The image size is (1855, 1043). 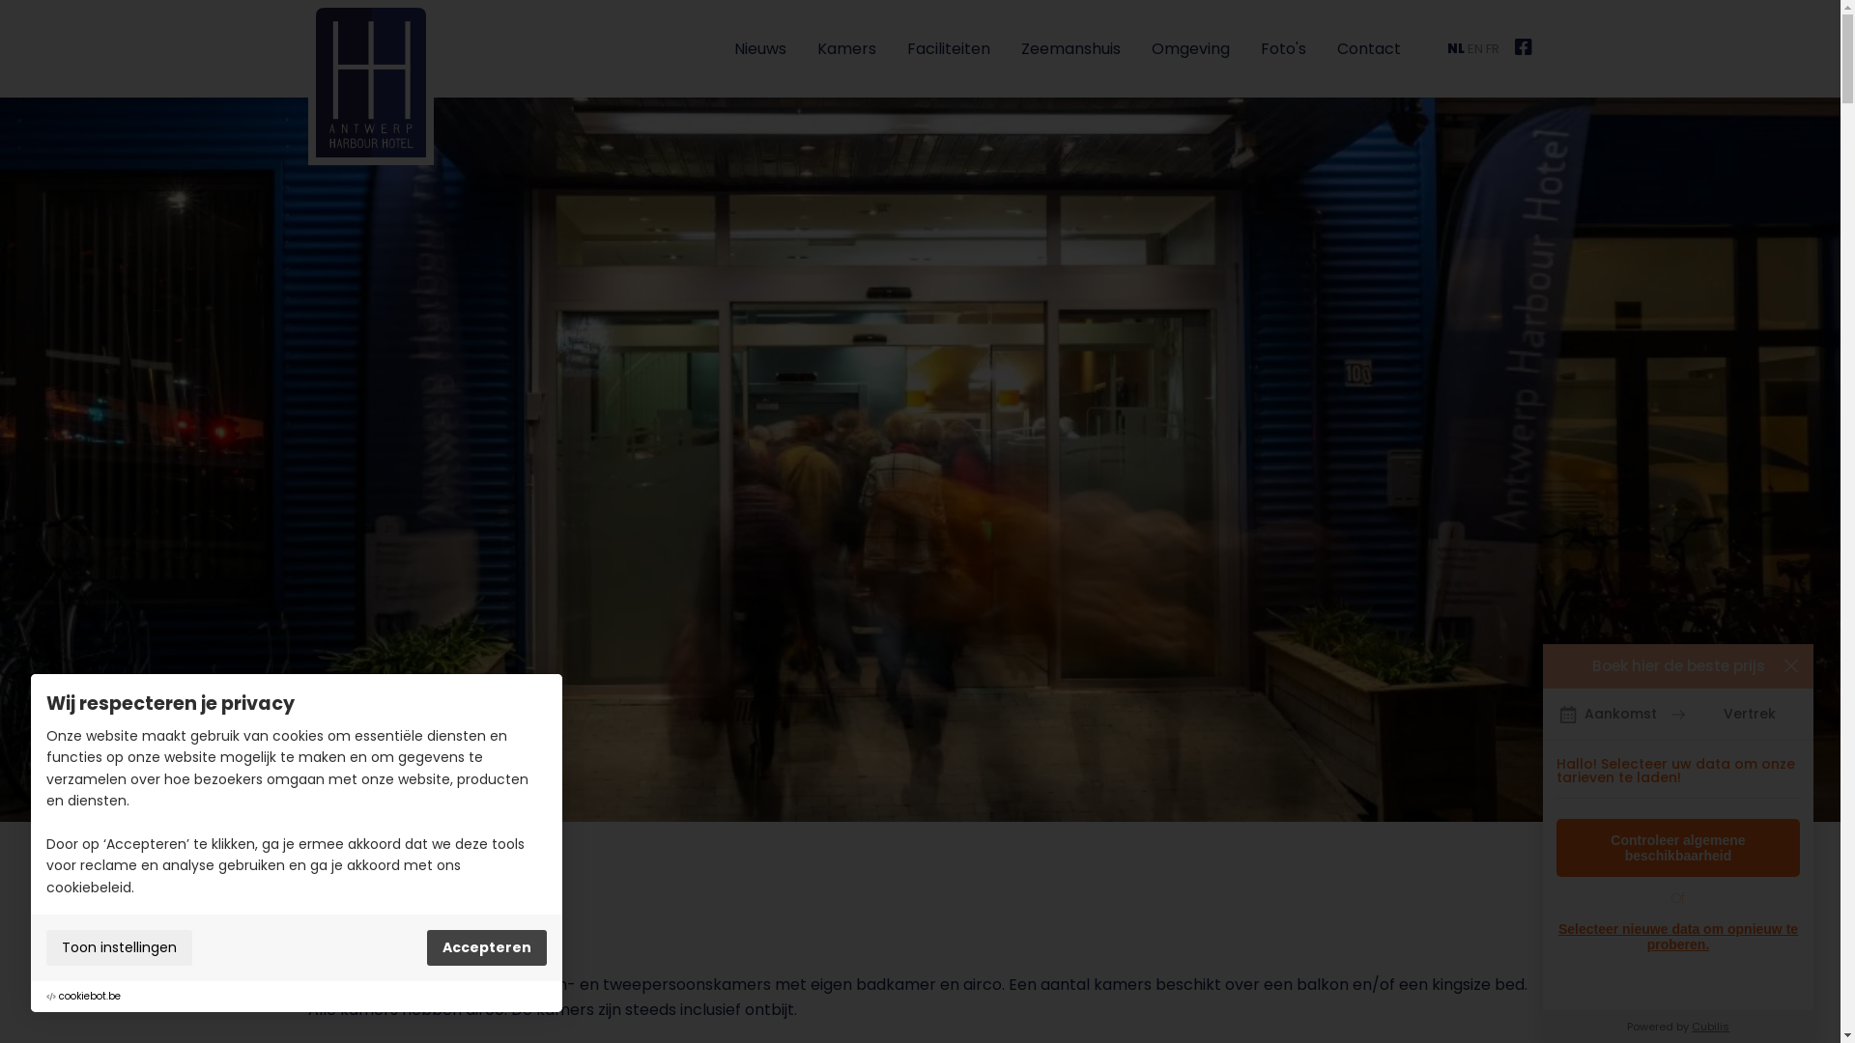 What do you see at coordinates (1070, 47) in the screenshot?
I see `'Zeemanshuis'` at bounding box center [1070, 47].